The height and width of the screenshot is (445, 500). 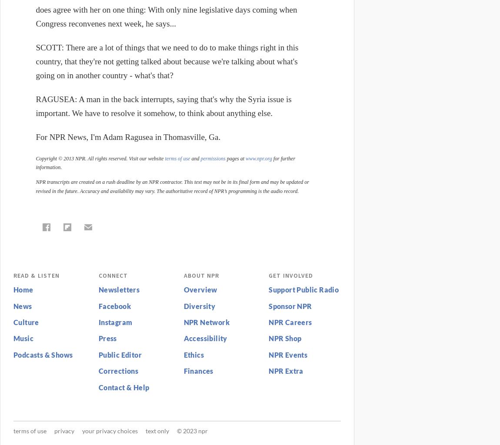 What do you see at coordinates (22, 306) in the screenshot?
I see `'News'` at bounding box center [22, 306].